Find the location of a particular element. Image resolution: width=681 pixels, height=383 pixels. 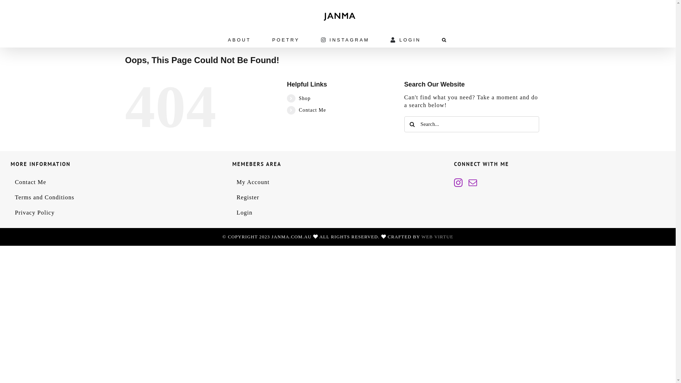

'LOGIN' is located at coordinates (379, 39).